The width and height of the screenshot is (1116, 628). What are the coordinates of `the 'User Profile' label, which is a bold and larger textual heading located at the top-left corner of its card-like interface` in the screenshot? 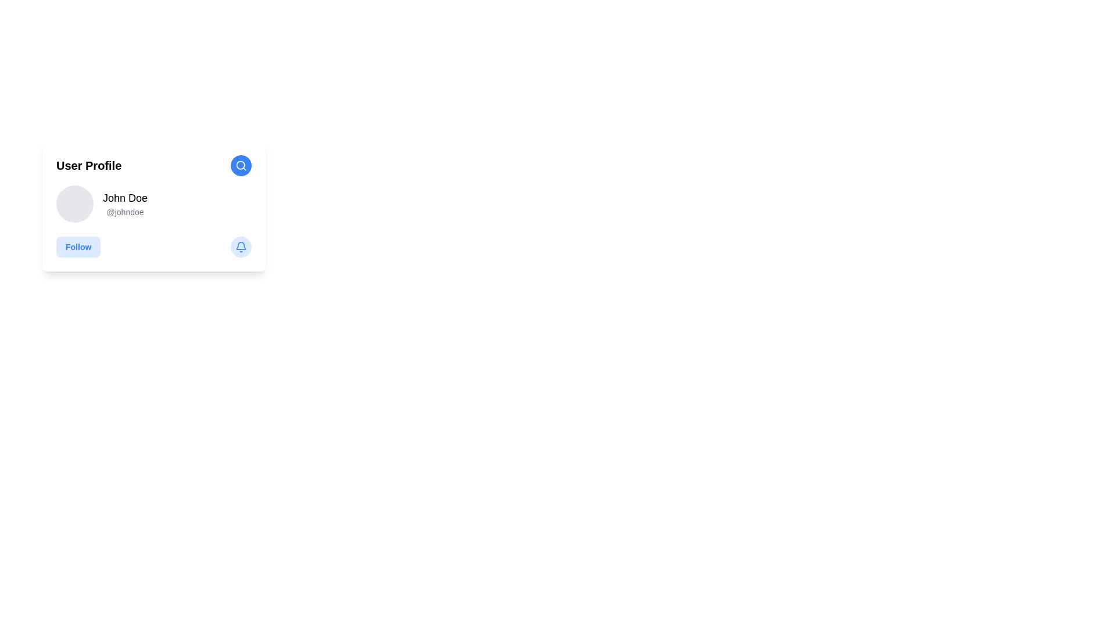 It's located at (88, 166).